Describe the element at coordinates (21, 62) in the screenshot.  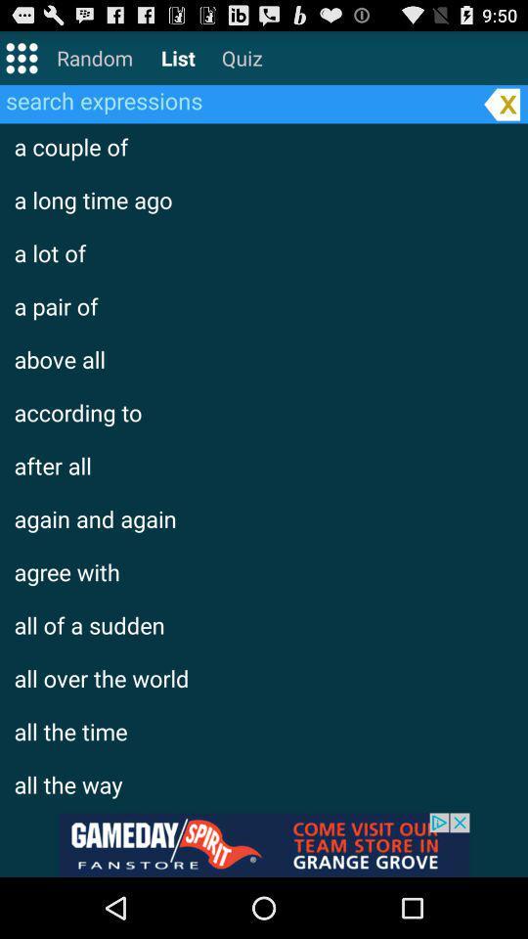
I see `the dialpad icon` at that location.